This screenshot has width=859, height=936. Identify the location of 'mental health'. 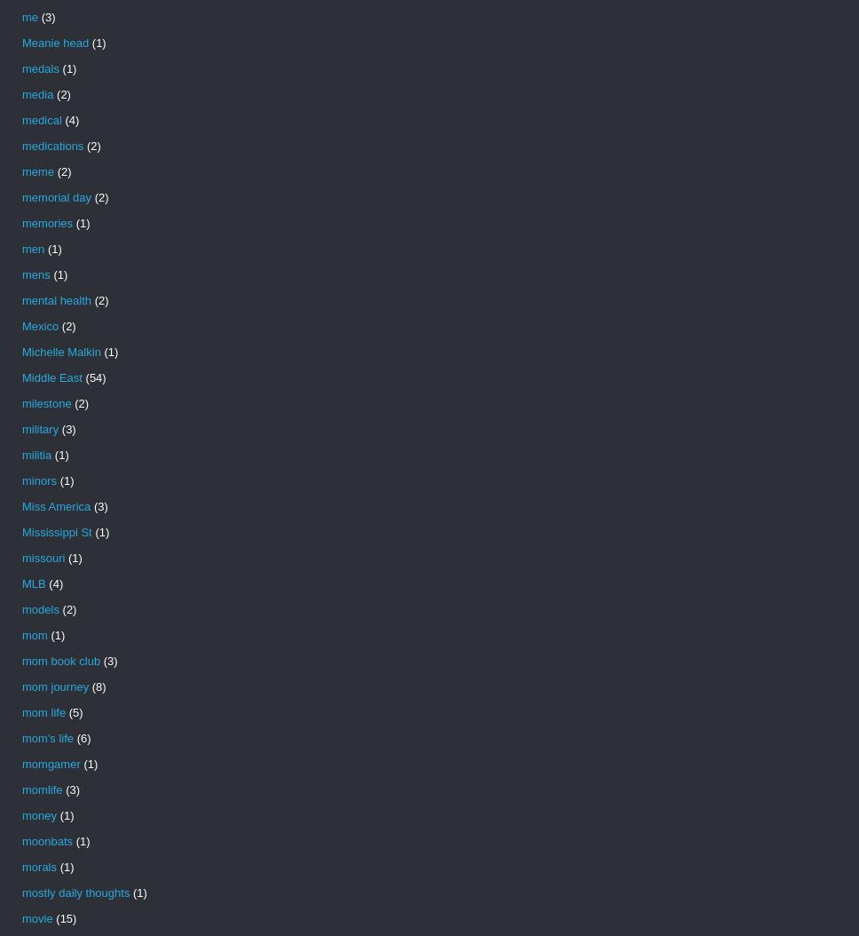
(55, 300).